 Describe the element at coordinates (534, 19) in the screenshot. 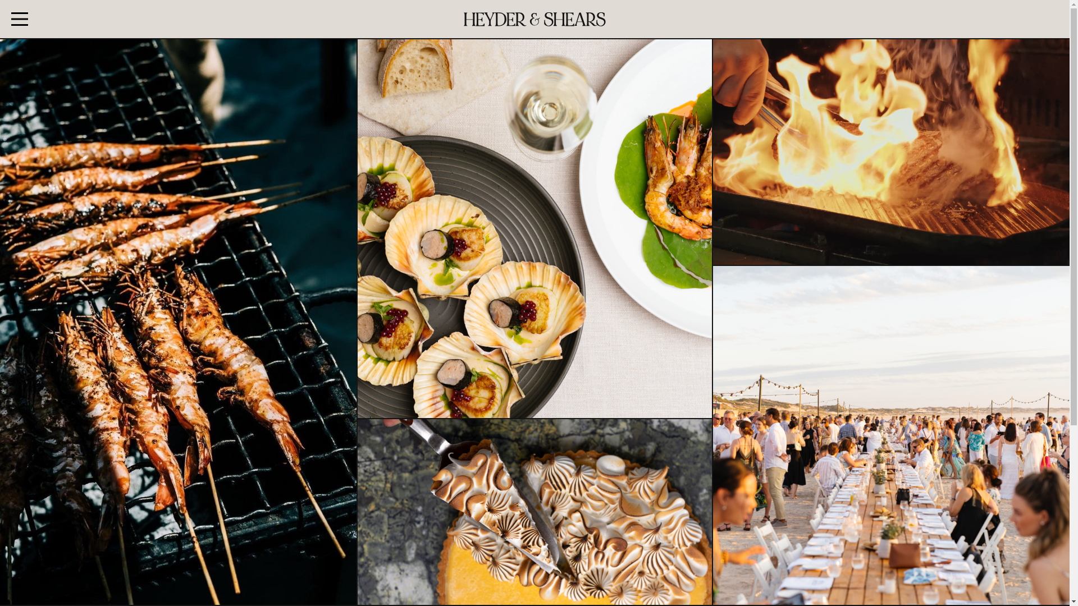

I see `'Heyder & Shears'` at that location.